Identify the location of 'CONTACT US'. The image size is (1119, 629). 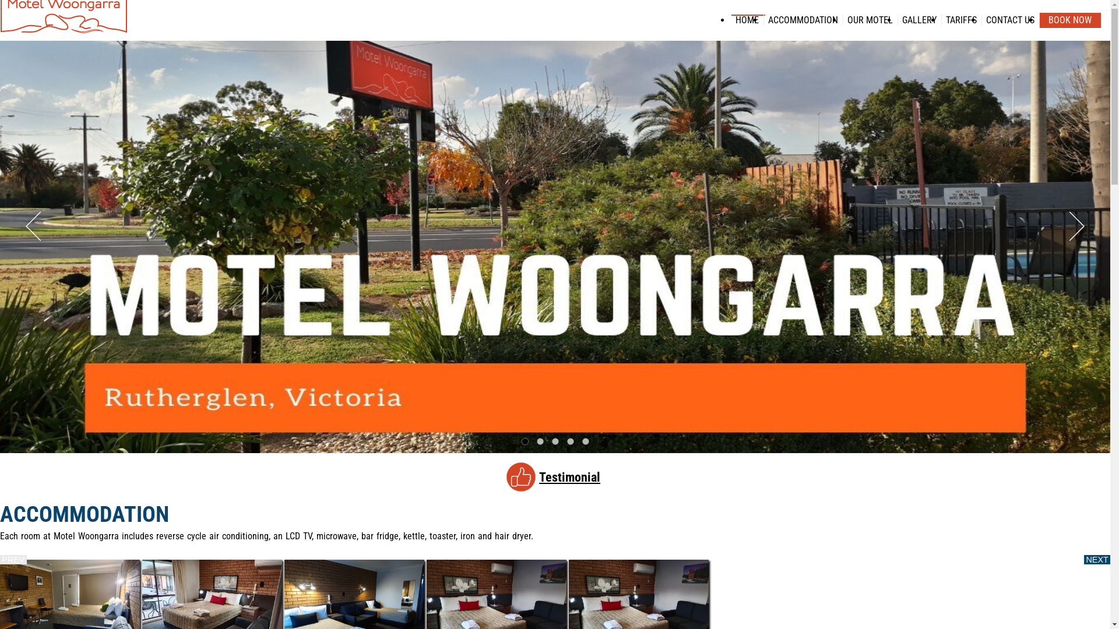
(1009, 20).